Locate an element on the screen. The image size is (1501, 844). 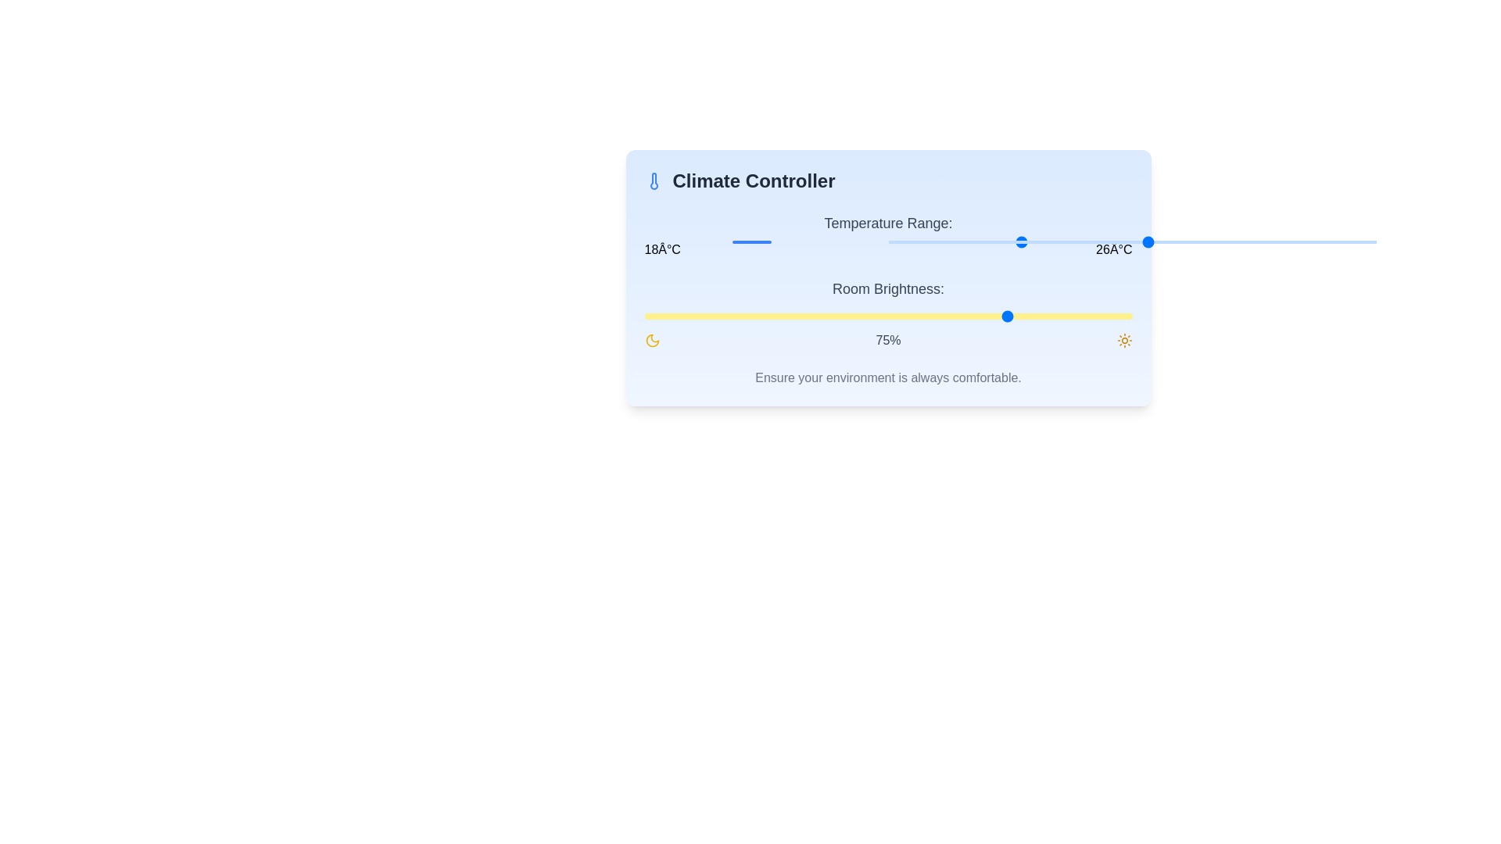
label that displays the text 'Climate Controller', which is styled in a bold and large font size, located to the right of a thermometer icon in the header section of the card is located at coordinates (754, 180).